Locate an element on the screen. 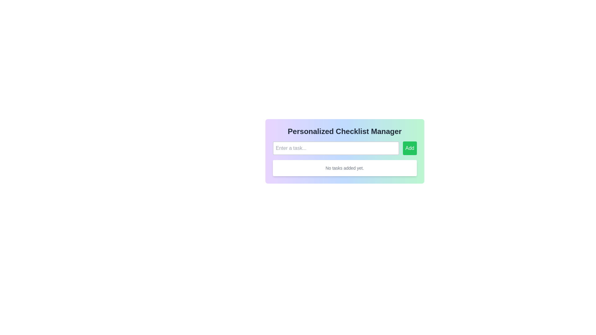 Image resolution: width=596 pixels, height=335 pixels. the submit button located to the right of the input field in the Personalized Checklist Manager is located at coordinates (410, 148).